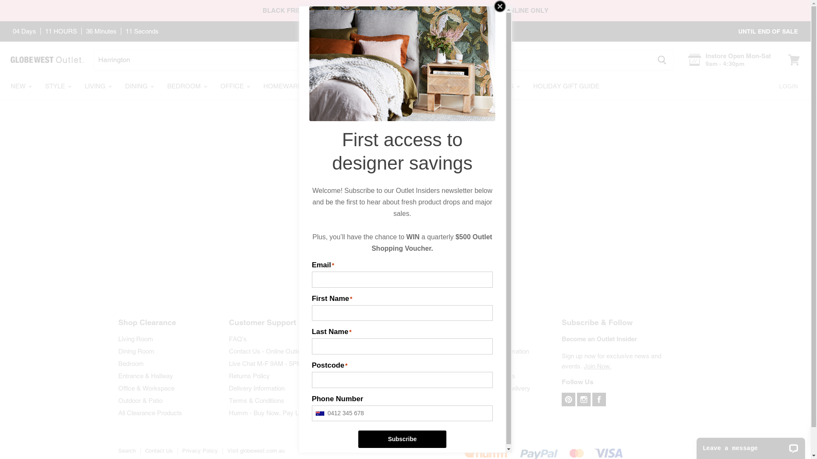 The height and width of the screenshot is (459, 817). Describe the element at coordinates (130, 363) in the screenshot. I see `'Bedroom'` at that location.